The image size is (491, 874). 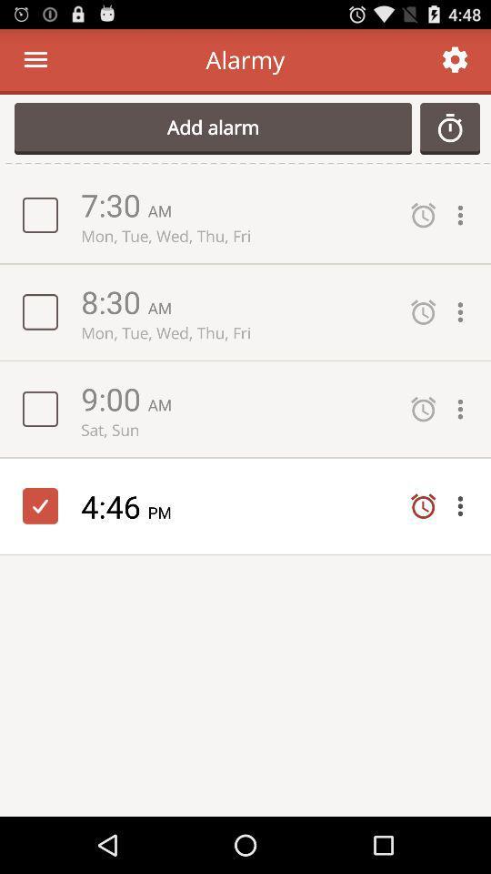 I want to click on icon next to am item, so click(x=114, y=398).